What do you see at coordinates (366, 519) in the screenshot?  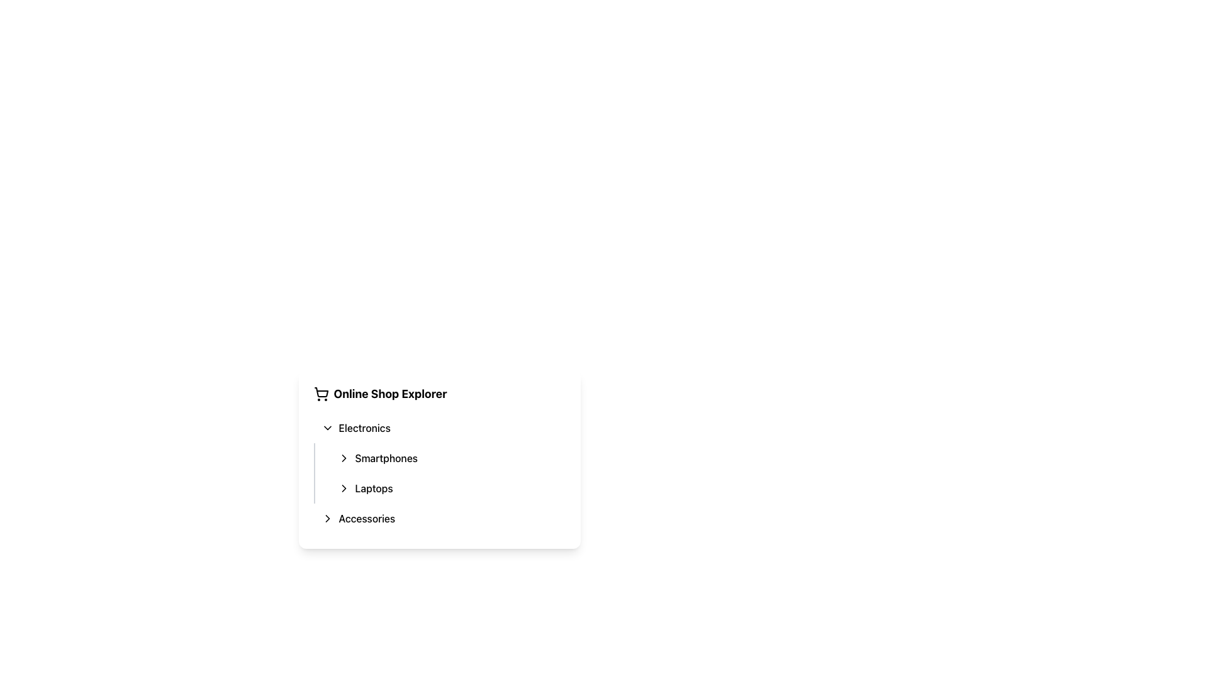 I see `the 'Accessories' text label, which is styled with medium font weight and located at the bottom of a list under the 'Electronics' category` at bounding box center [366, 519].